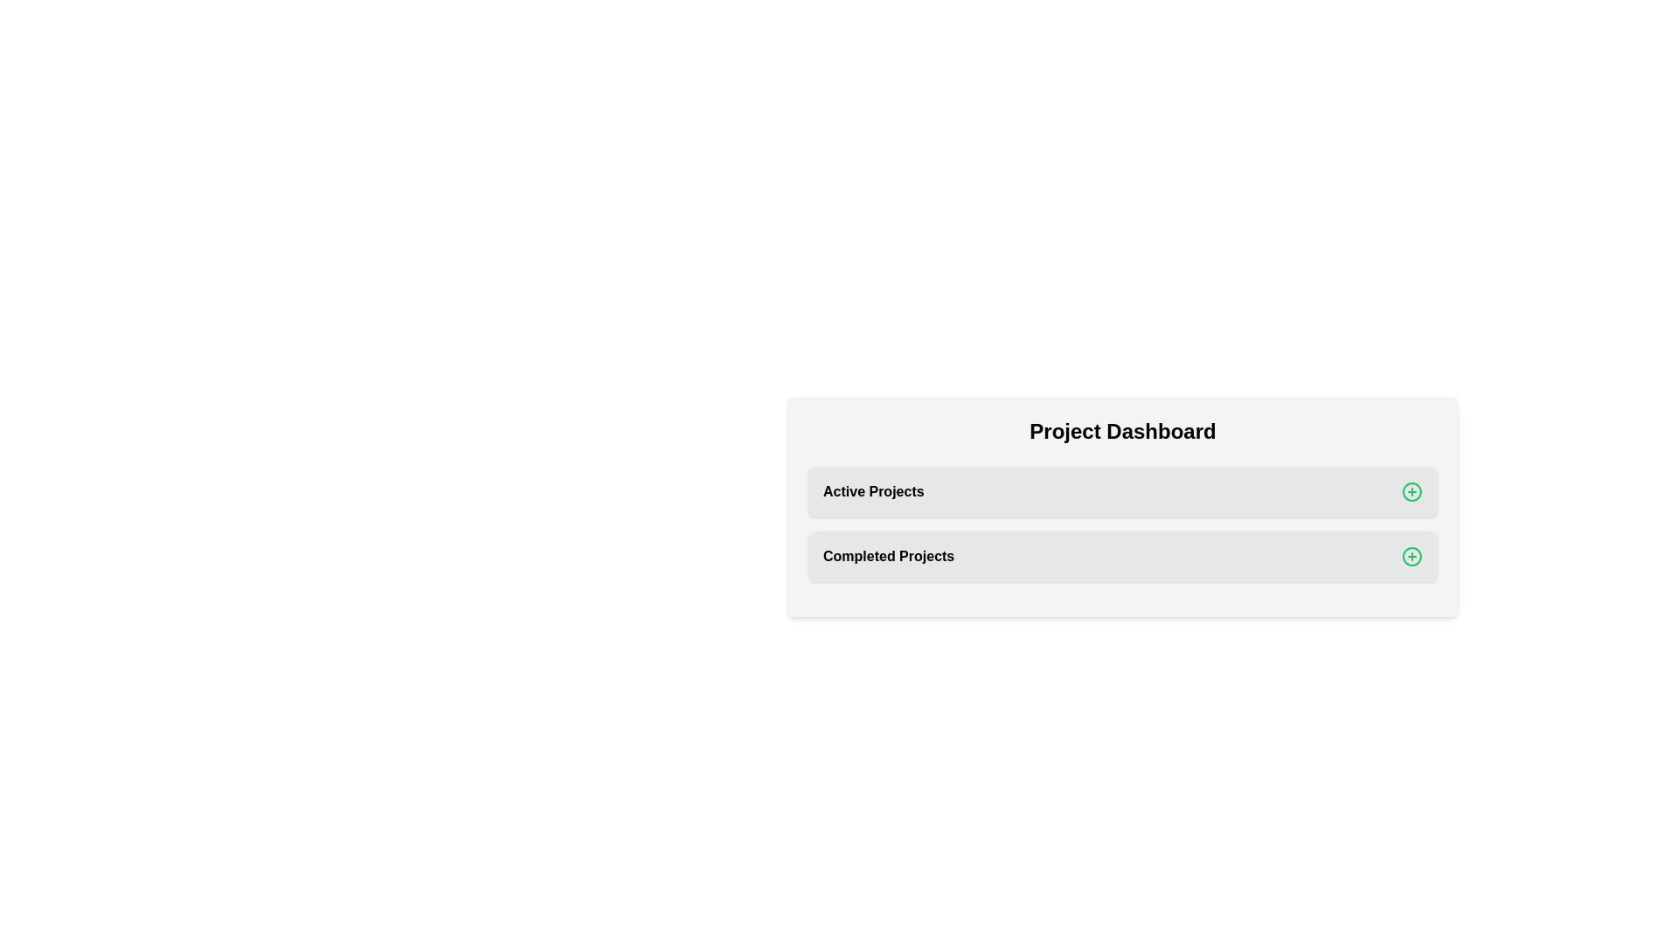  What do you see at coordinates (1412, 556) in the screenshot?
I see `plus icon next to the 'Completed Projects' section to expand it` at bounding box center [1412, 556].